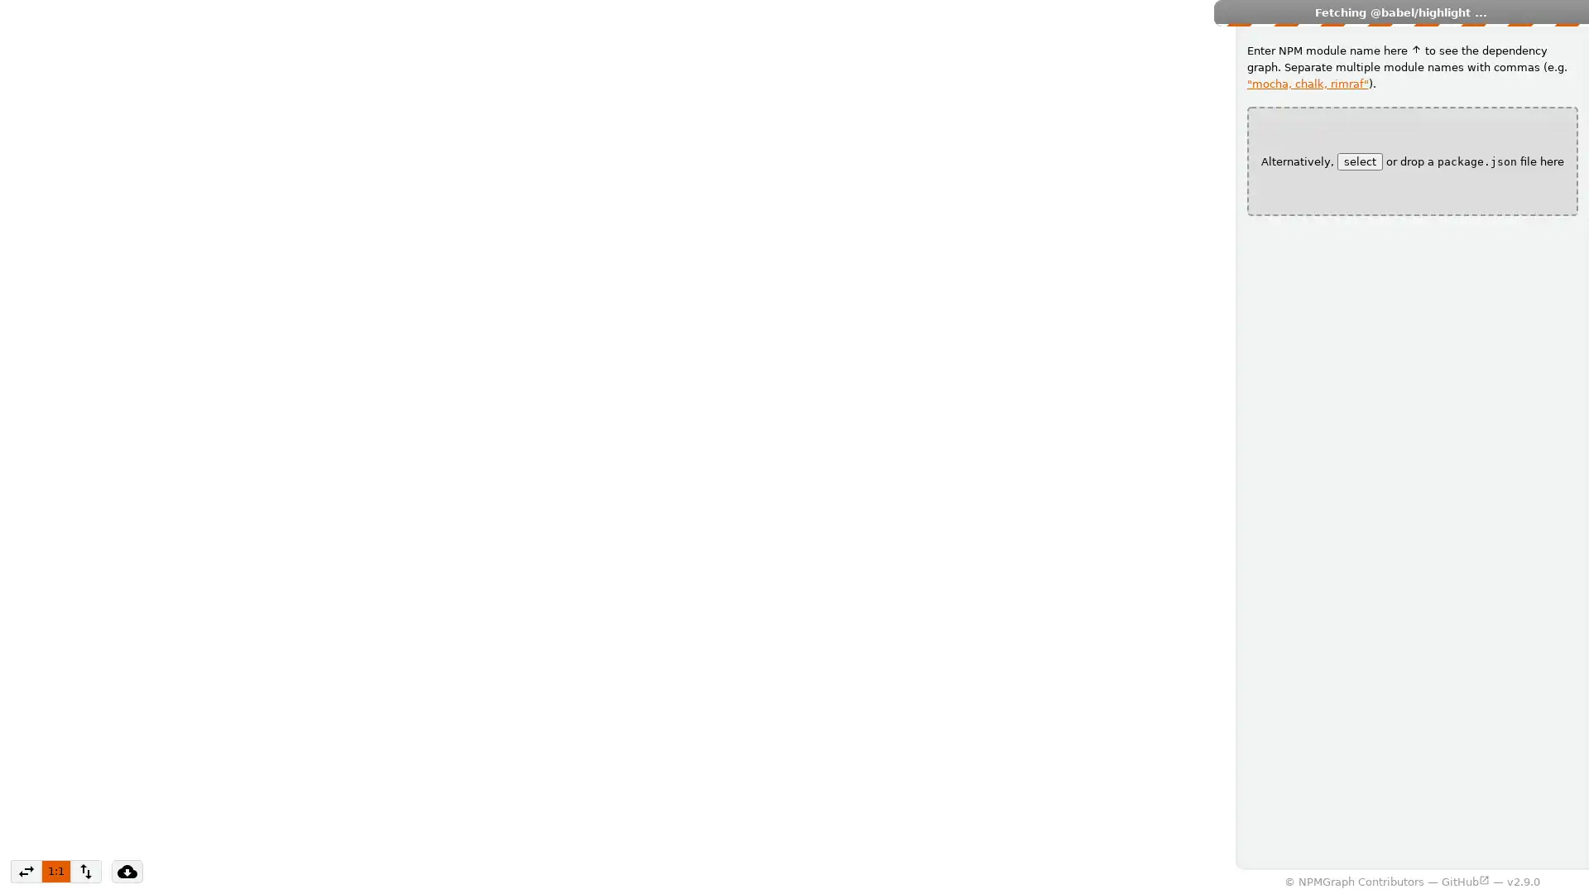 Image resolution: width=1589 pixels, height=894 pixels. What do you see at coordinates (26, 870) in the screenshot?
I see `swap_horiz` at bounding box center [26, 870].